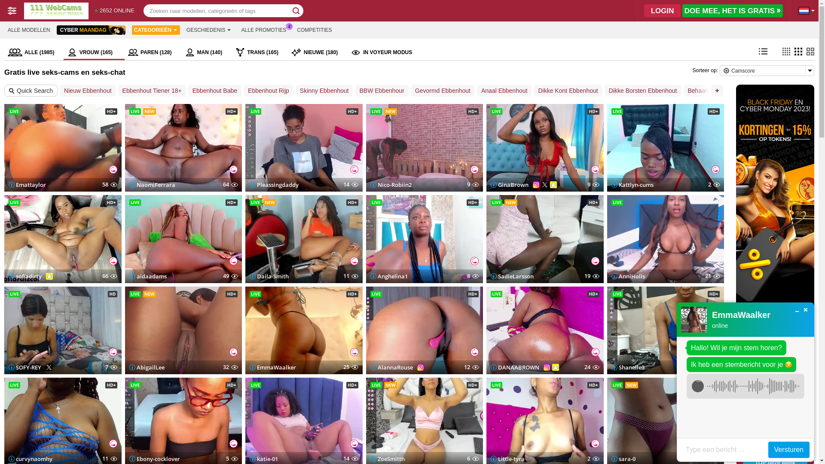  Describe the element at coordinates (623, 458) in the screenshot. I see `'sara-0'` at that location.